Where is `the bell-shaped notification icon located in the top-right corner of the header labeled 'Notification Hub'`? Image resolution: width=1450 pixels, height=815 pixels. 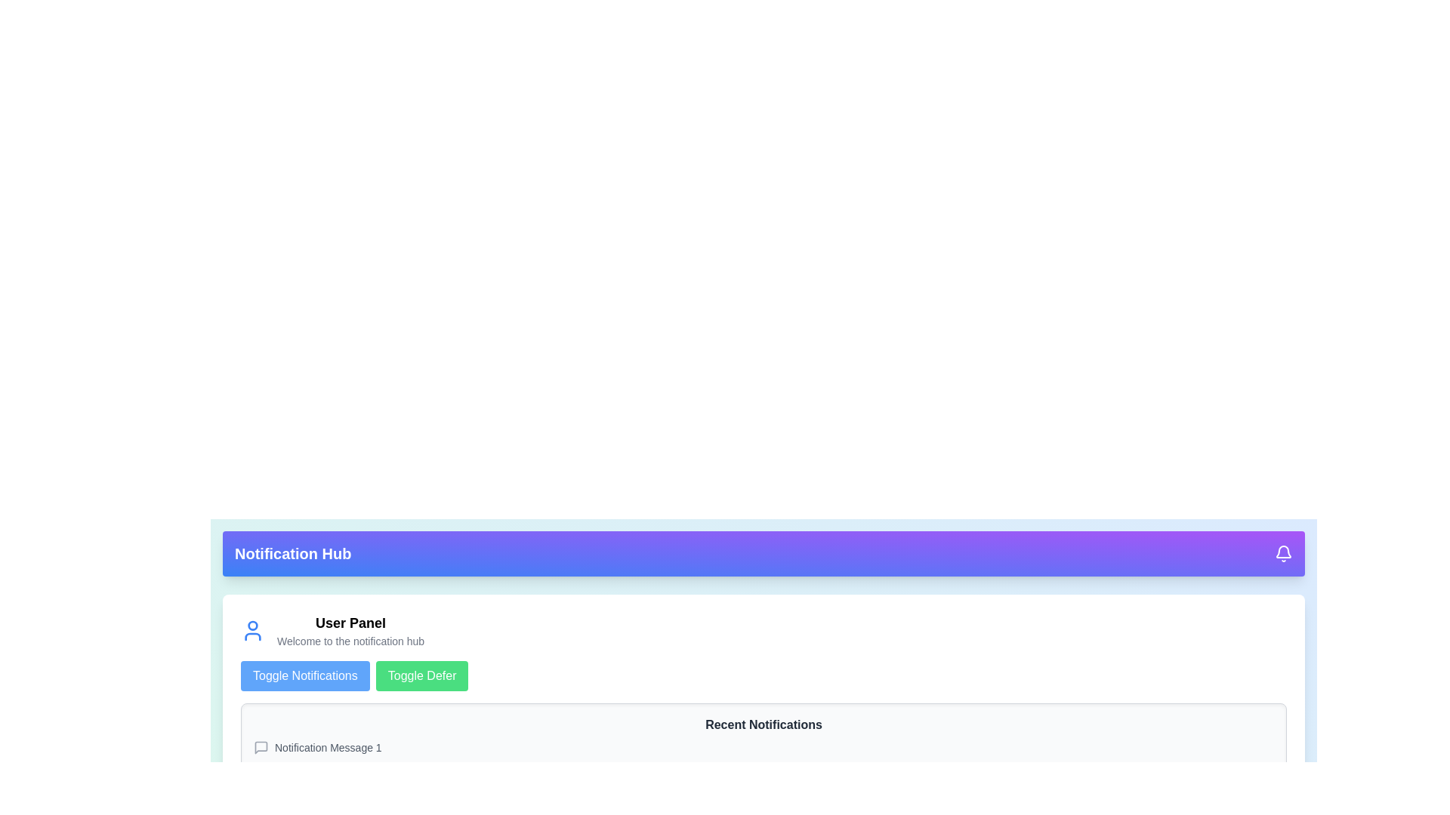
the bell-shaped notification icon located in the top-right corner of the header labeled 'Notification Hub' is located at coordinates (1282, 553).